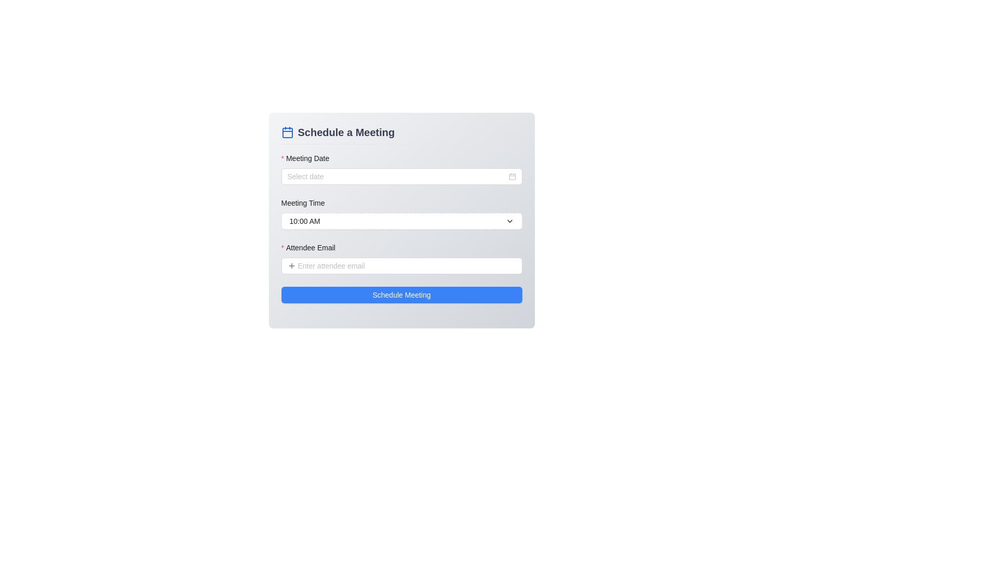 The height and width of the screenshot is (561, 997). I want to click on the text label that serves as a header for the meeting scheduling form, positioned at the top section next to a calendar icon, so click(346, 131).